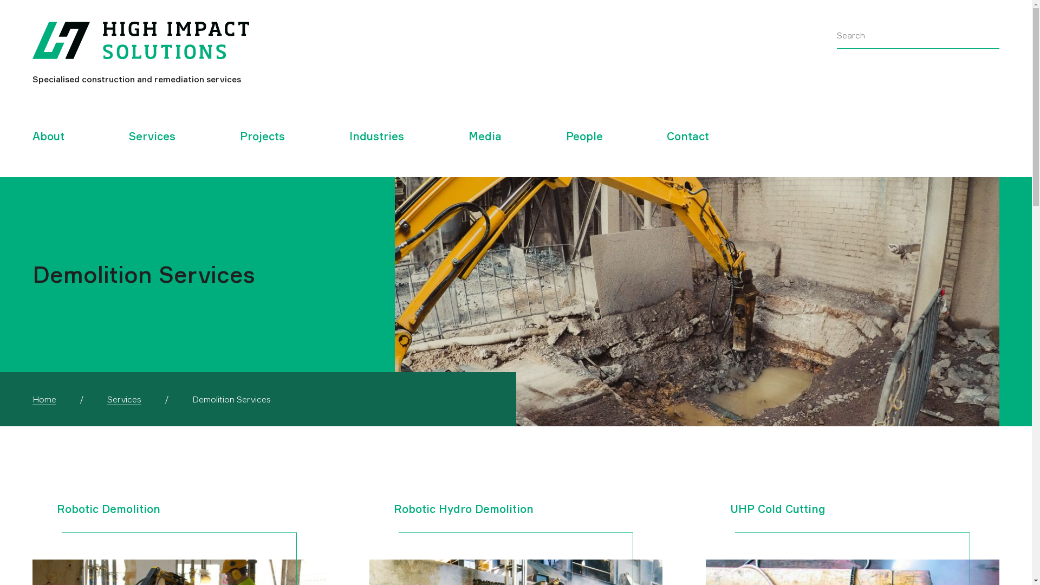 Image resolution: width=1040 pixels, height=585 pixels. I want to click on 'People', so click(584, 135).